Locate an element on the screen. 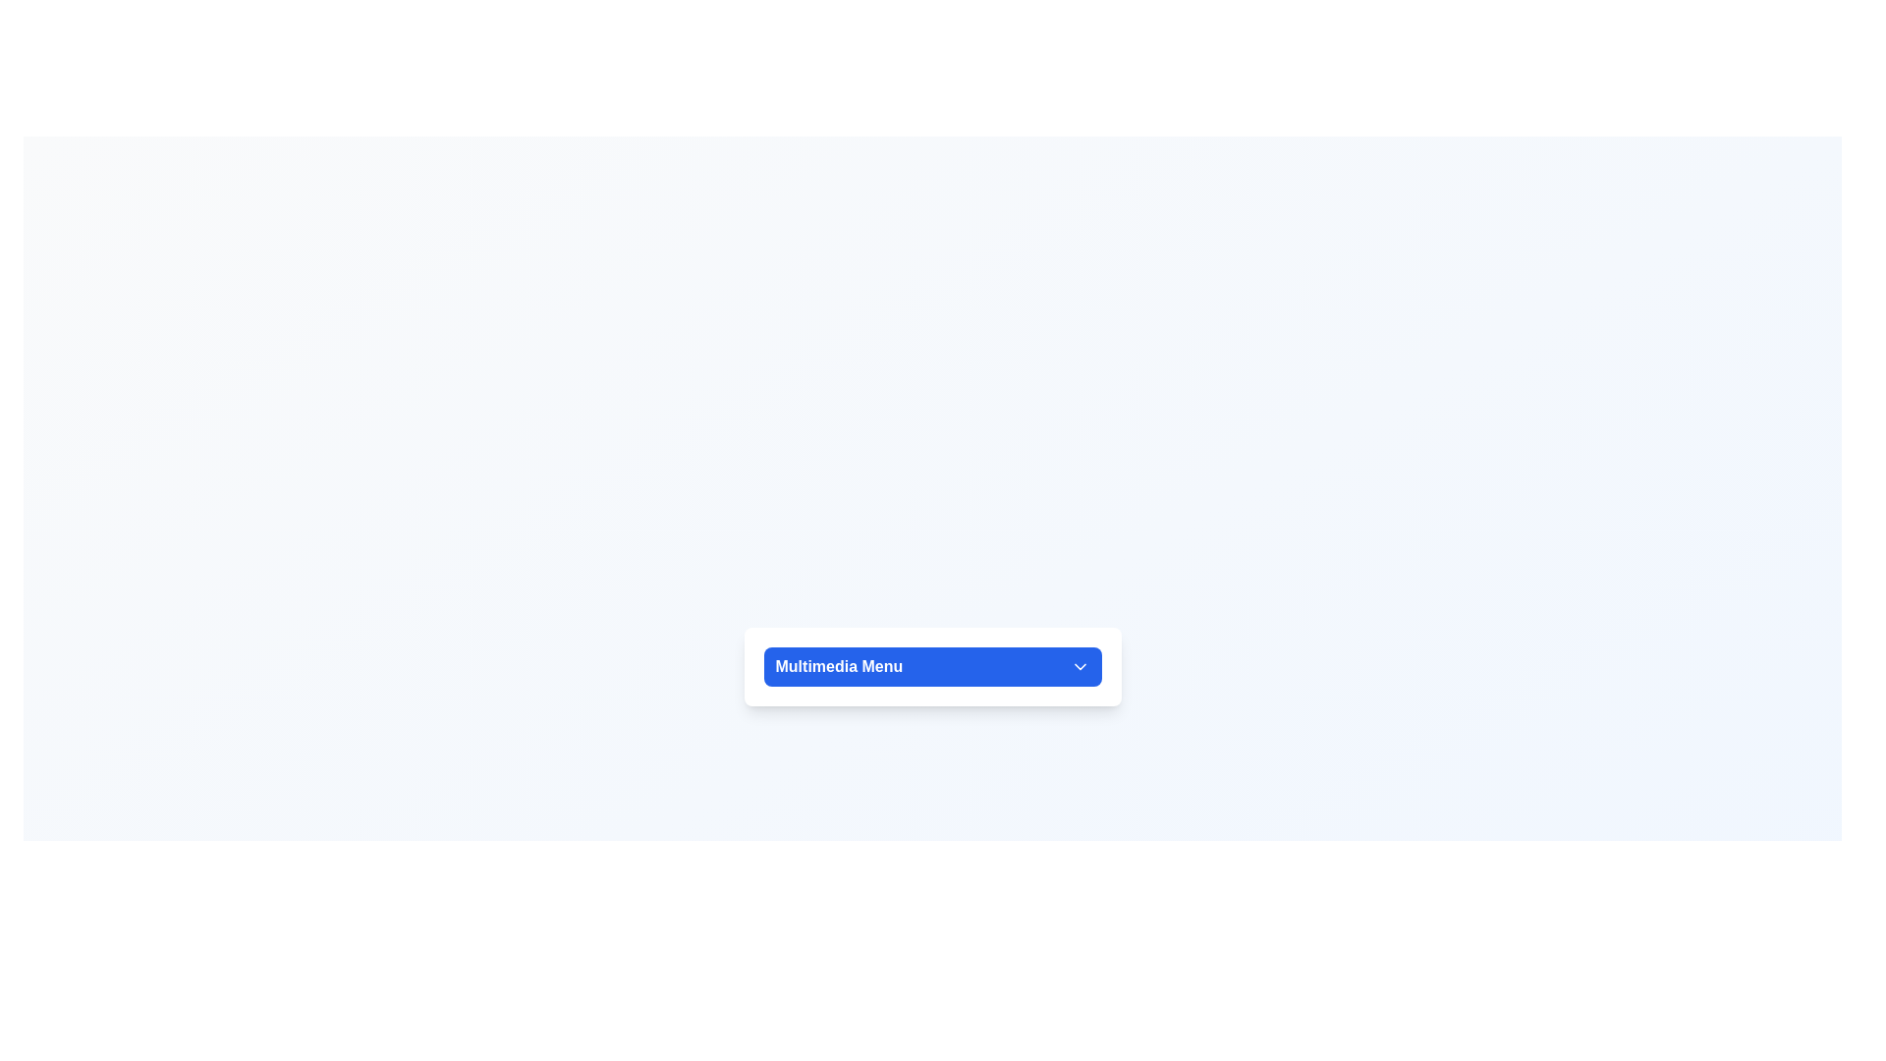 This screenshot has height=1061, width=1886. the 'Multimedia Menu' button to observe hover effects is located at coordinates (931, 665).